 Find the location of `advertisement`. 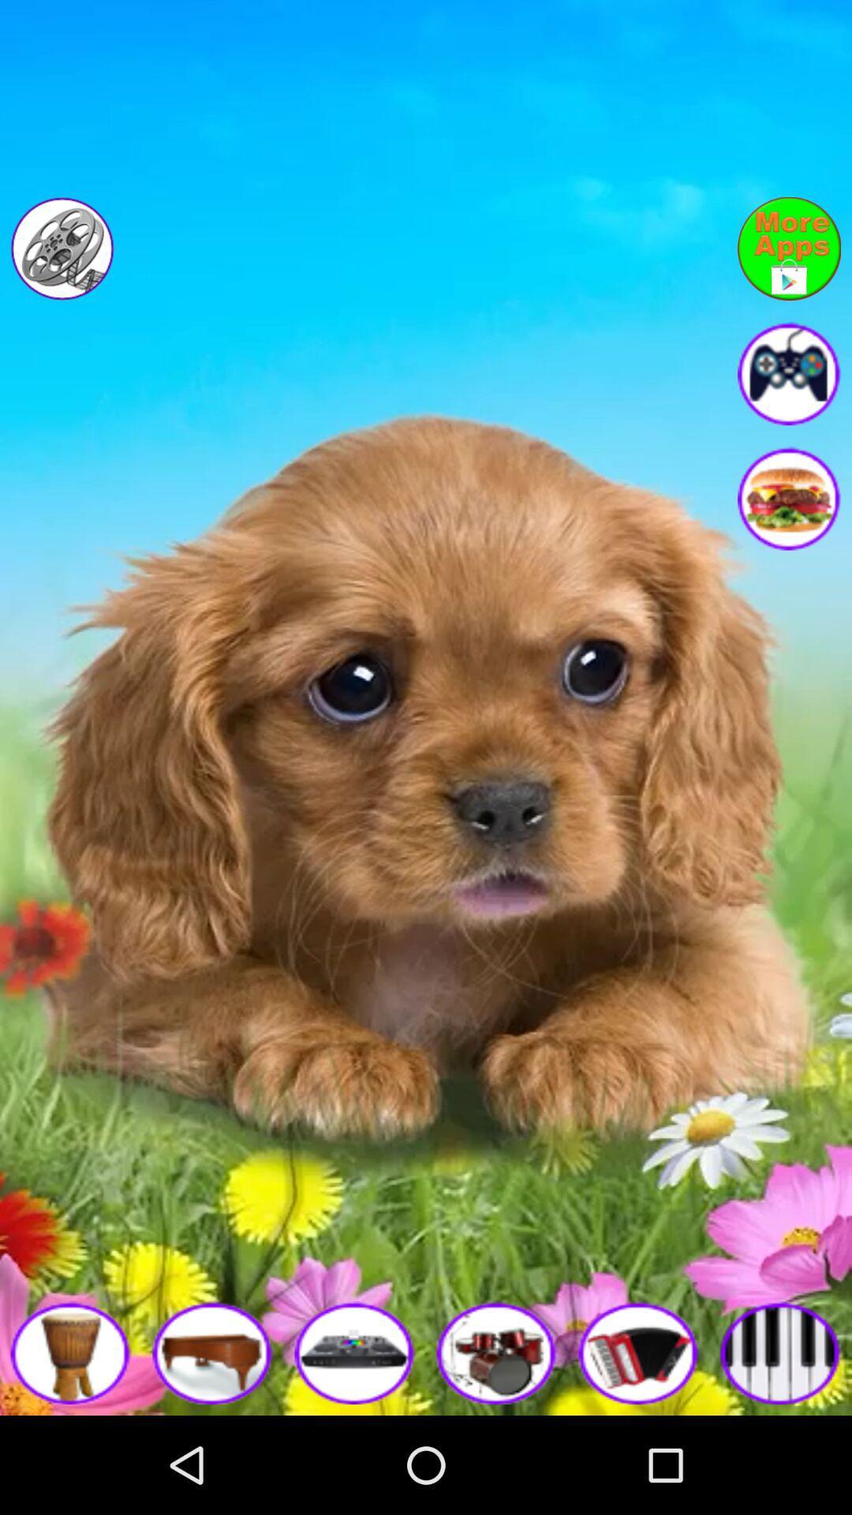

advertisement is located at coordinates (789, 497).